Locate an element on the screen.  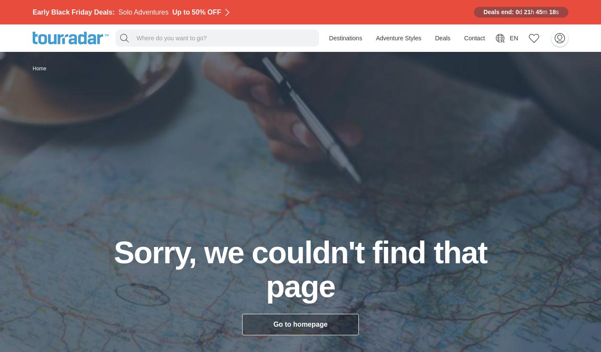
's' is located at coordinates (557, 11).